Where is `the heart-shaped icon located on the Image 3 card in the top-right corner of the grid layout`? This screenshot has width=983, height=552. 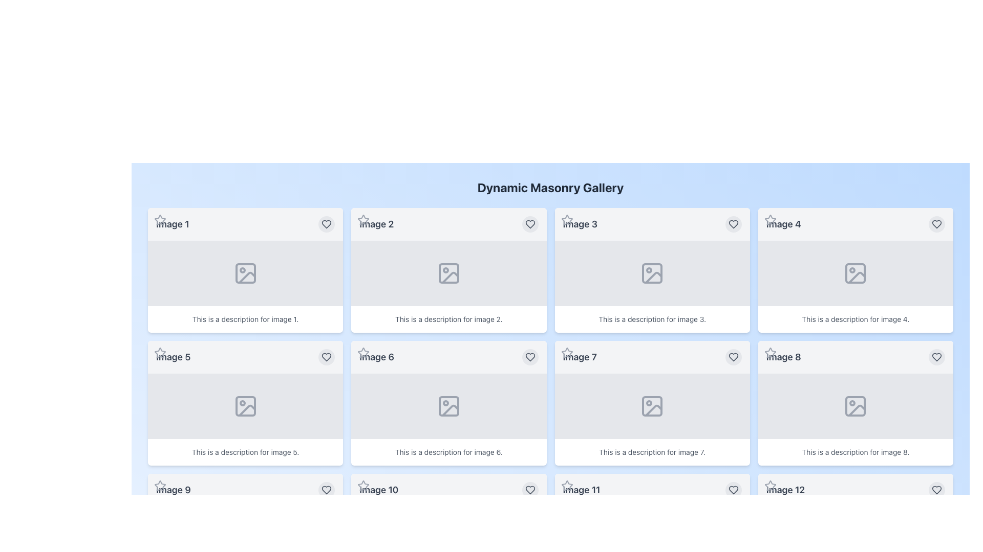 the heart-shaped icon located on the Image 3 card in the top-right corner of the grid layout is located at coordinates (733, 224).